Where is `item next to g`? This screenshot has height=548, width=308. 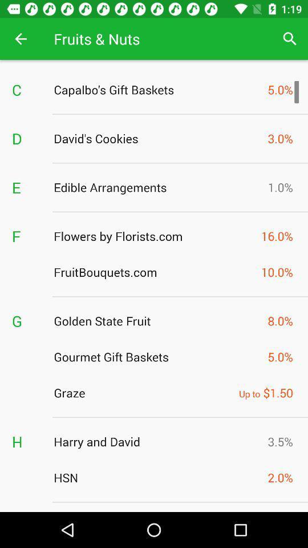
item next to g is located at coordinates (157, 321).